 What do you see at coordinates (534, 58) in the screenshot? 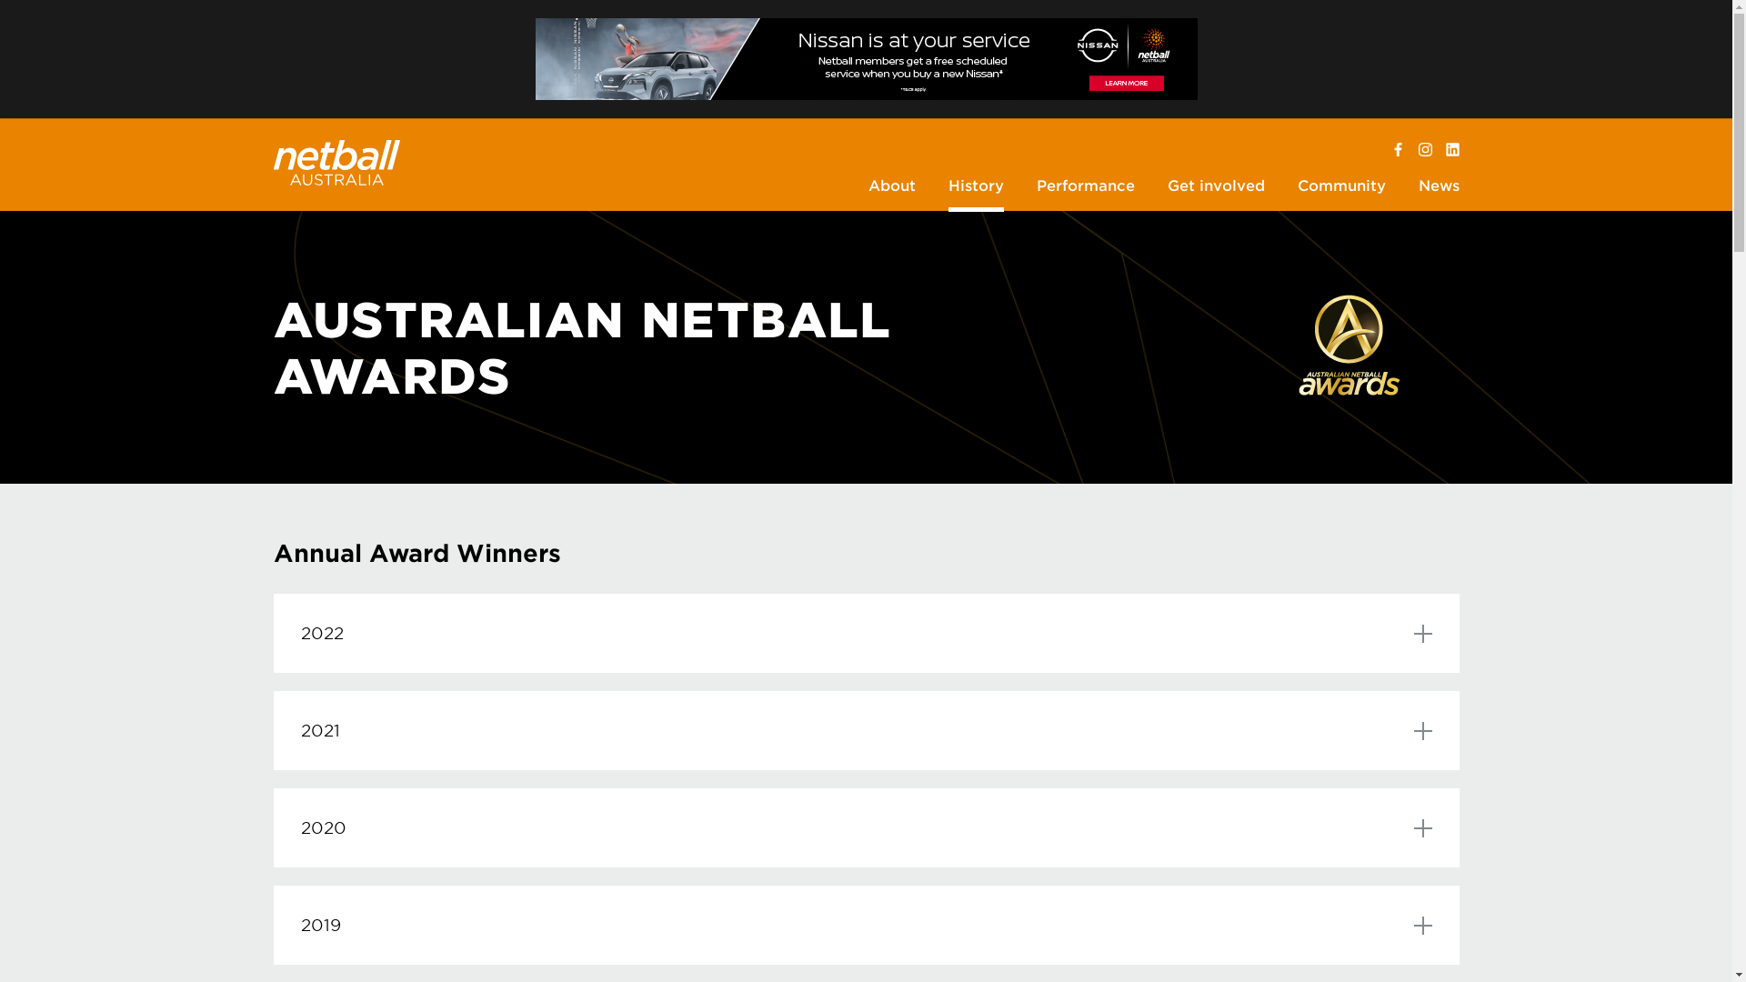
I see `'3rd party ad content'` at bounding box center [534, 58].